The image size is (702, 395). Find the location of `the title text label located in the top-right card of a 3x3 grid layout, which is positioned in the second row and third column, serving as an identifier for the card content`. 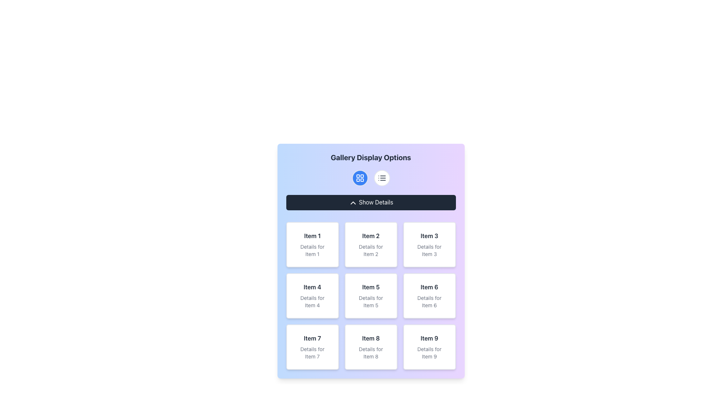

the title text label located in the top-right card of a 3x3 grid layout, which is positioned in the second row and third column, serving as an identifier for the card content is located at coordinates (429, 236).